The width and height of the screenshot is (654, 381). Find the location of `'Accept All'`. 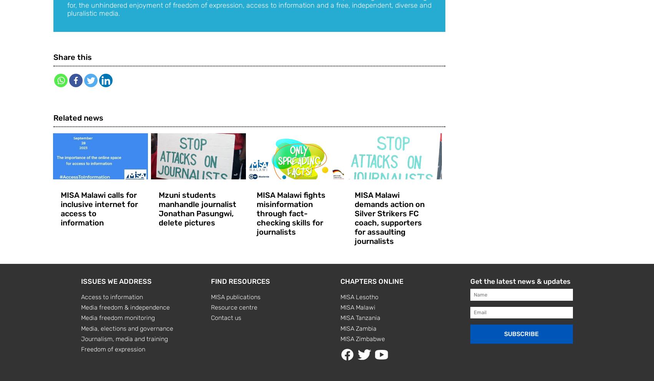

'Accept All' is located at coordinates (106, 272).